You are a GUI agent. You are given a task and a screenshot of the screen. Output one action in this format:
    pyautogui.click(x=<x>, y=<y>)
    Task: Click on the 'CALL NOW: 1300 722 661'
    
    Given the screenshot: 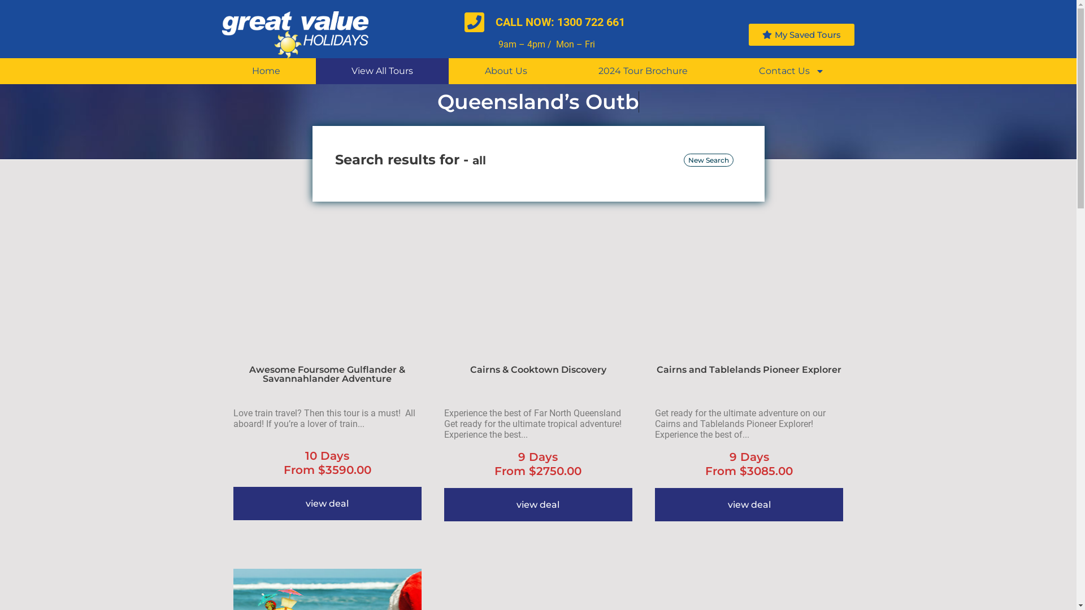 What is the action you would take?
    pyautogui.click(x=545, y=21)
    